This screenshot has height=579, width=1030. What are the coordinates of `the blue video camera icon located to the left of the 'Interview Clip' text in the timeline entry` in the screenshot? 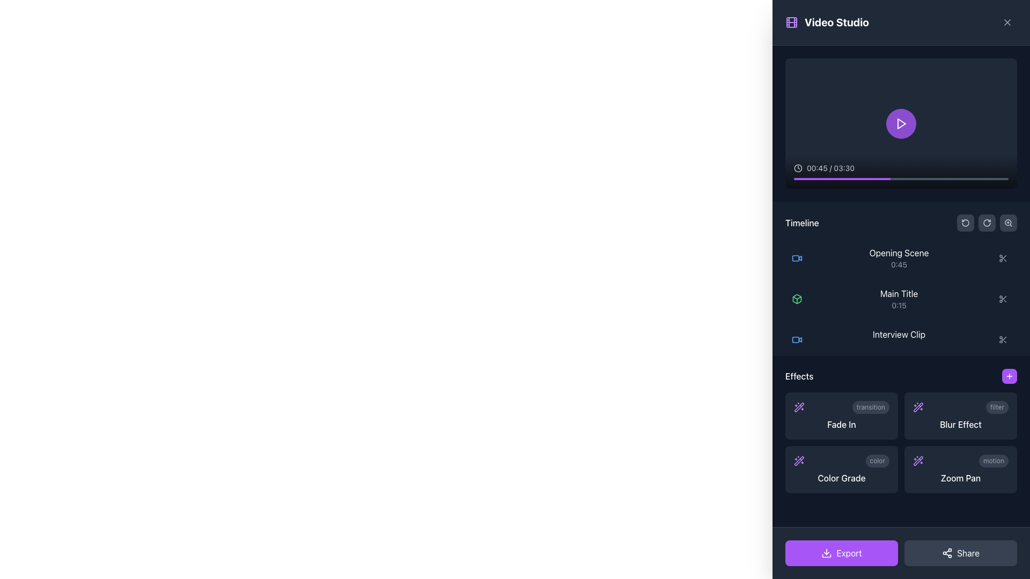 It's located at (797, 339).